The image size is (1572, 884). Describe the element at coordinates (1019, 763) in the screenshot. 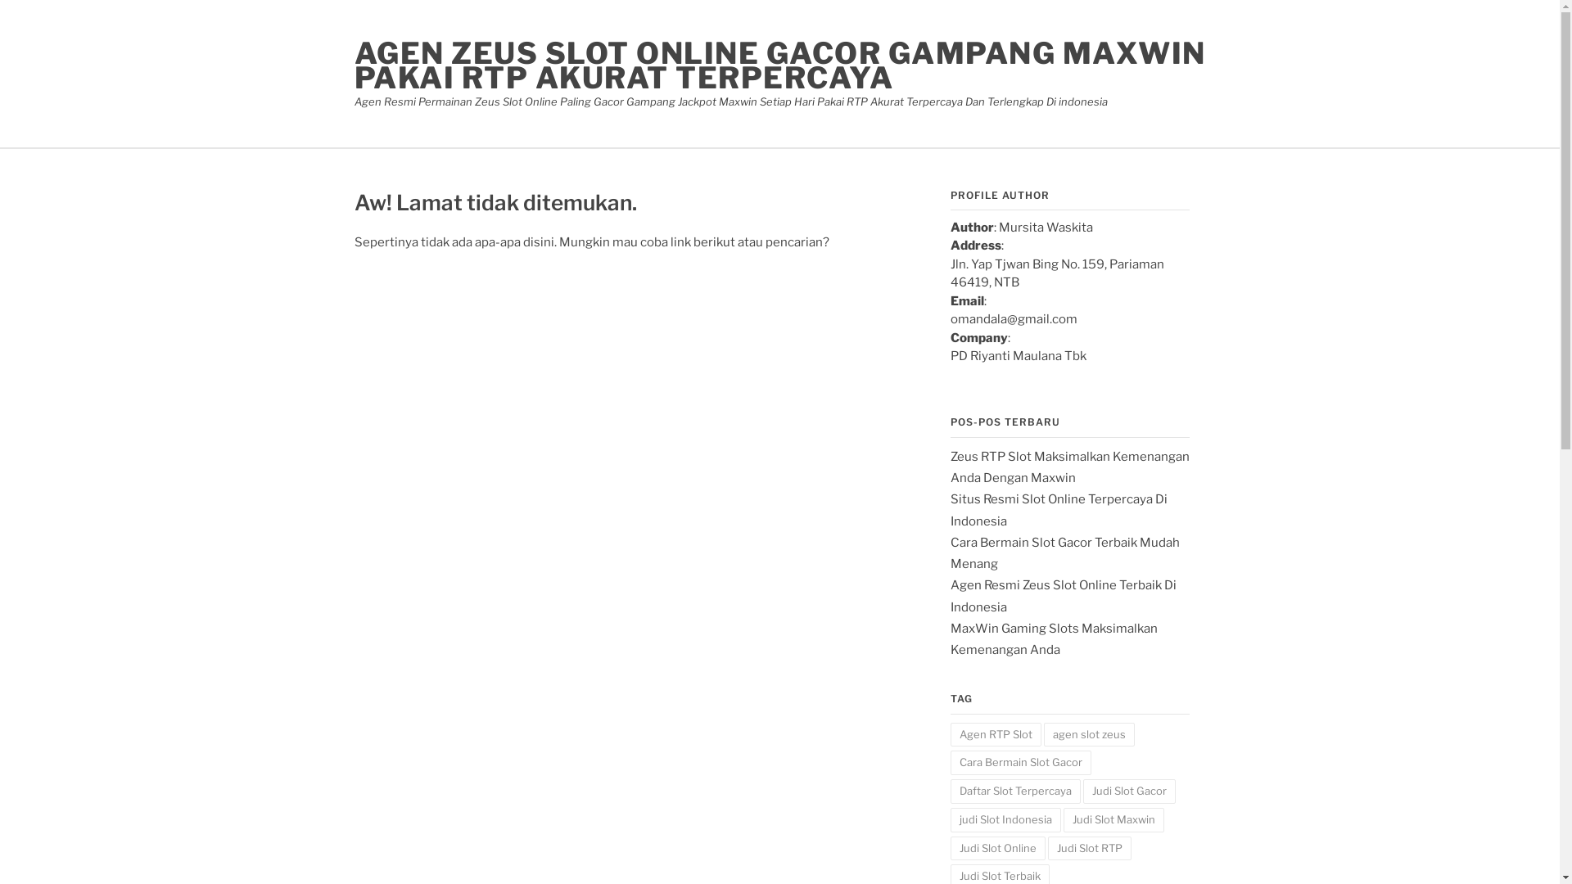

I see `'Cara Bermain Slot Gacor'` at that location.